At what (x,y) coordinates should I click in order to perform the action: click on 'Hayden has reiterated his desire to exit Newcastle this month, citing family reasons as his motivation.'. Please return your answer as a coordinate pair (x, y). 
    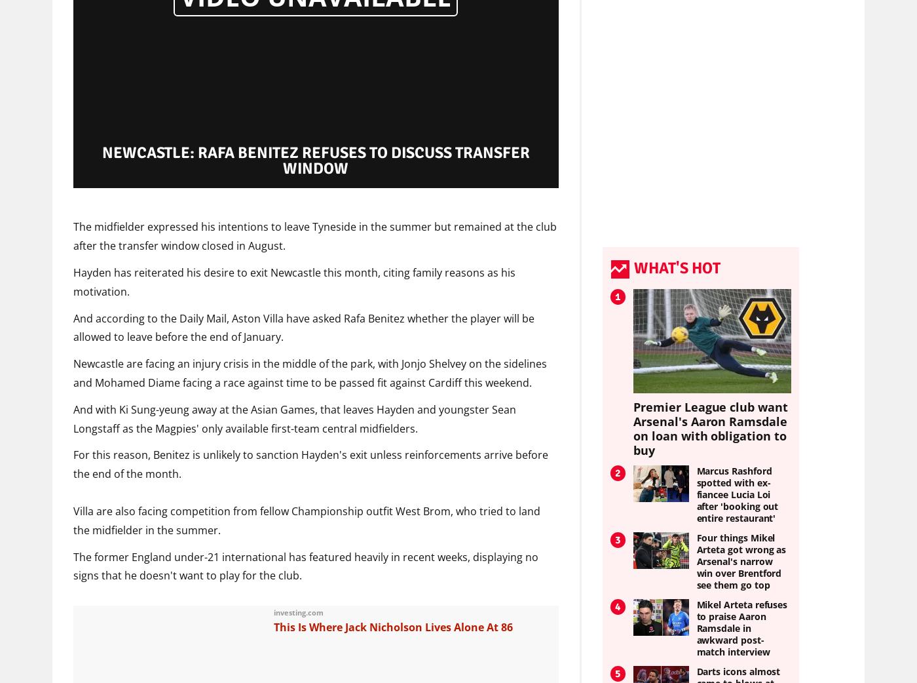
    Looking at the image, I should click on (294, 281).